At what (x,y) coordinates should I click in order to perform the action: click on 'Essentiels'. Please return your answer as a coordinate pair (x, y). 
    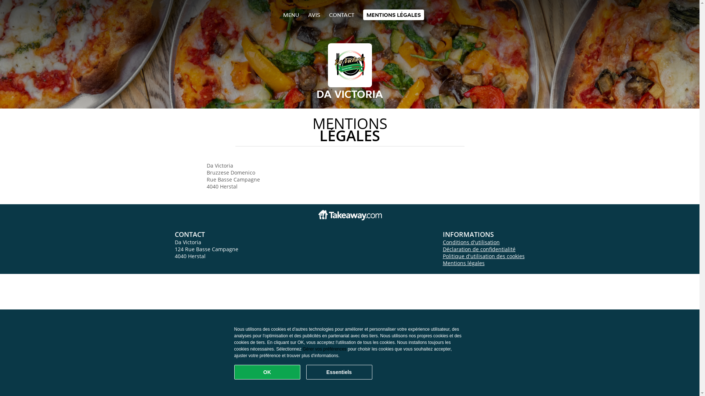
    Looking at the image, I should click on (339, 372).